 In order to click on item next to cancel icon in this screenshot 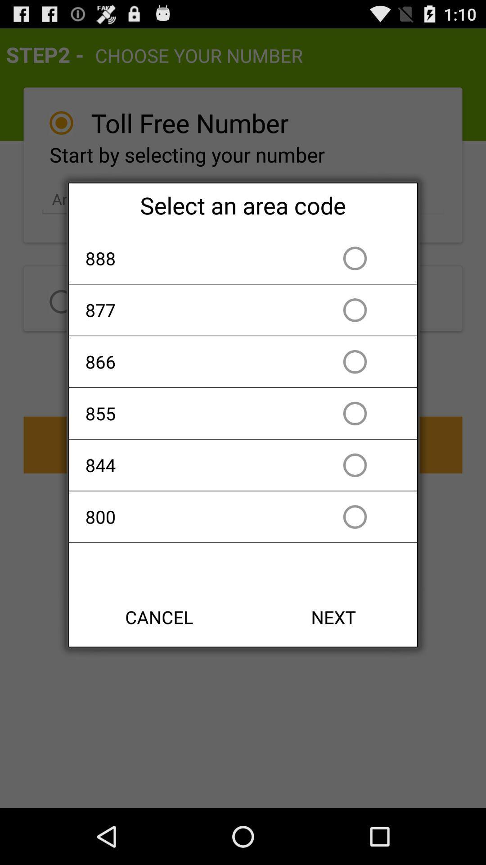, I will do `click(333, 616)`.